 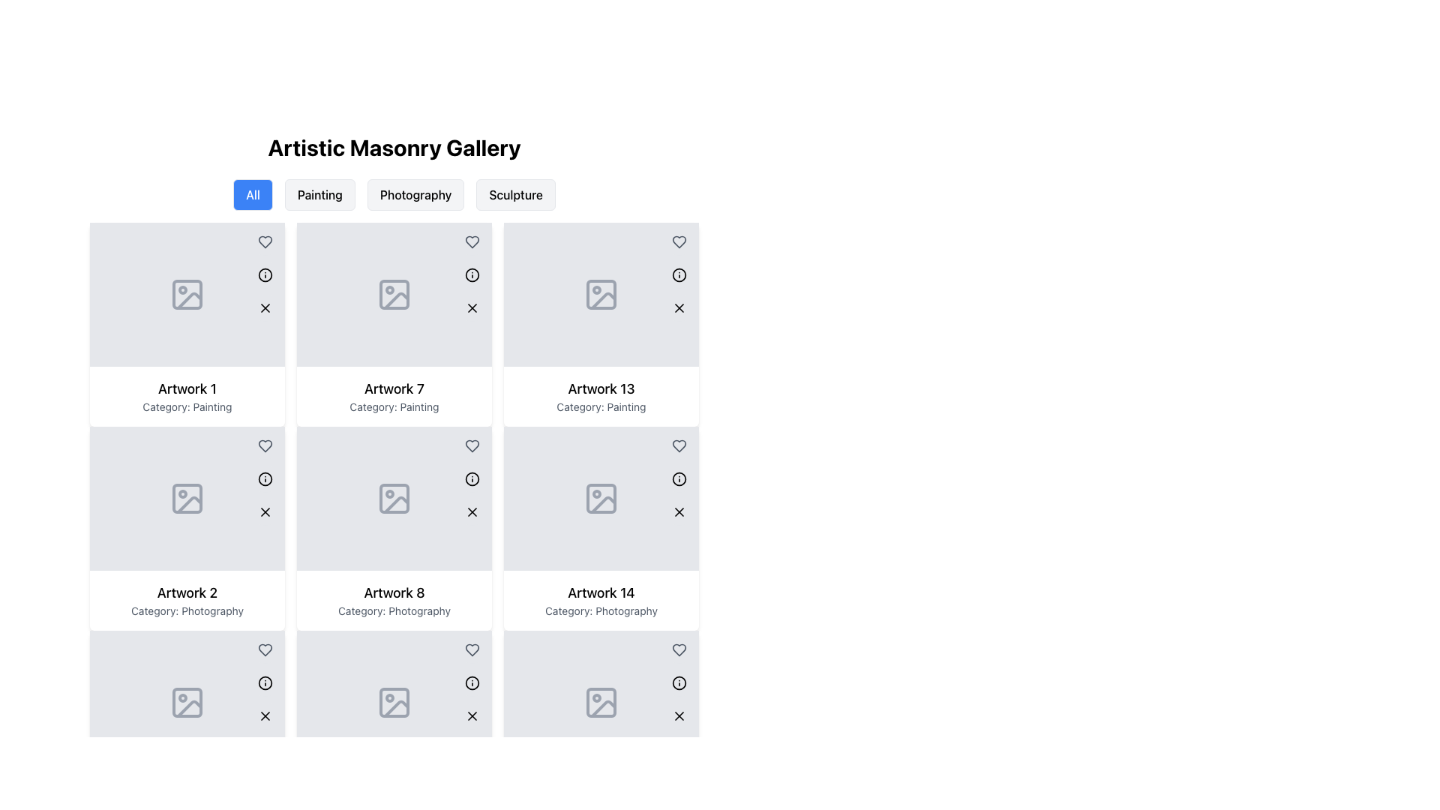 I want to click on the diagonal cross icon in the bottom-right corner of the 'Artwork 2' card, so click(x=265, y=511).